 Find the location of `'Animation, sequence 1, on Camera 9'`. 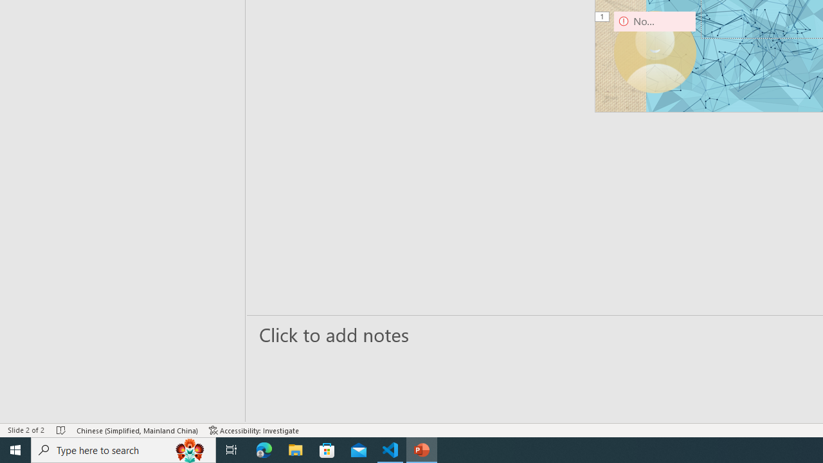

'Animation, sequence 1, on Camera 9' is located at coordinates (602, 17).